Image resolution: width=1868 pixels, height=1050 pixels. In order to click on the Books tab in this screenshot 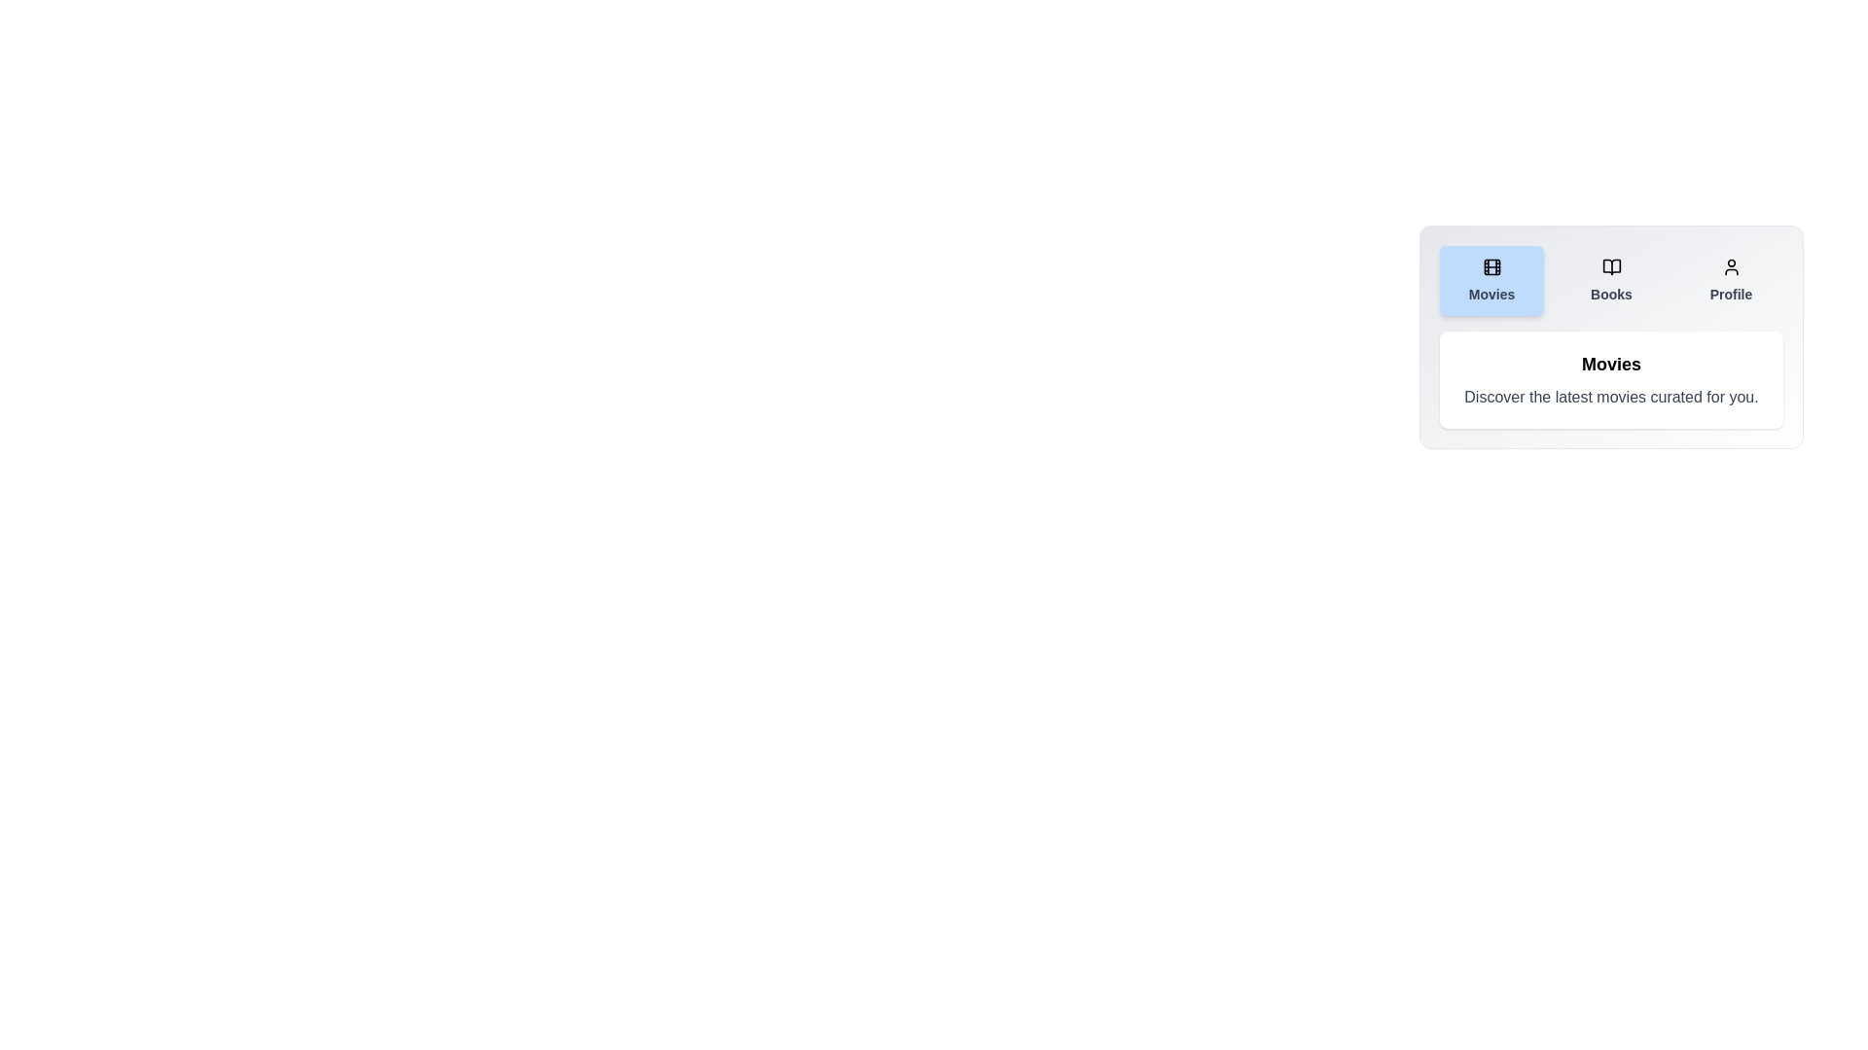, I will do `click(1611, 281)`.